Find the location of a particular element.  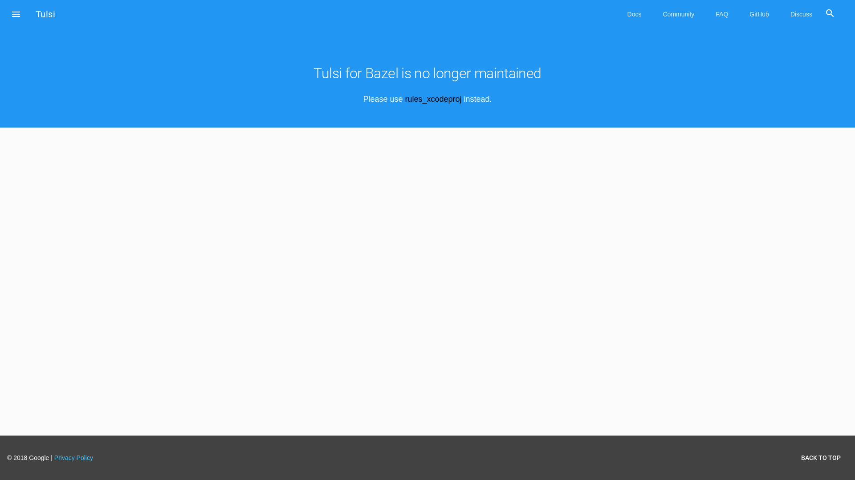

'Discuss' is located at coordinates (801, 14).